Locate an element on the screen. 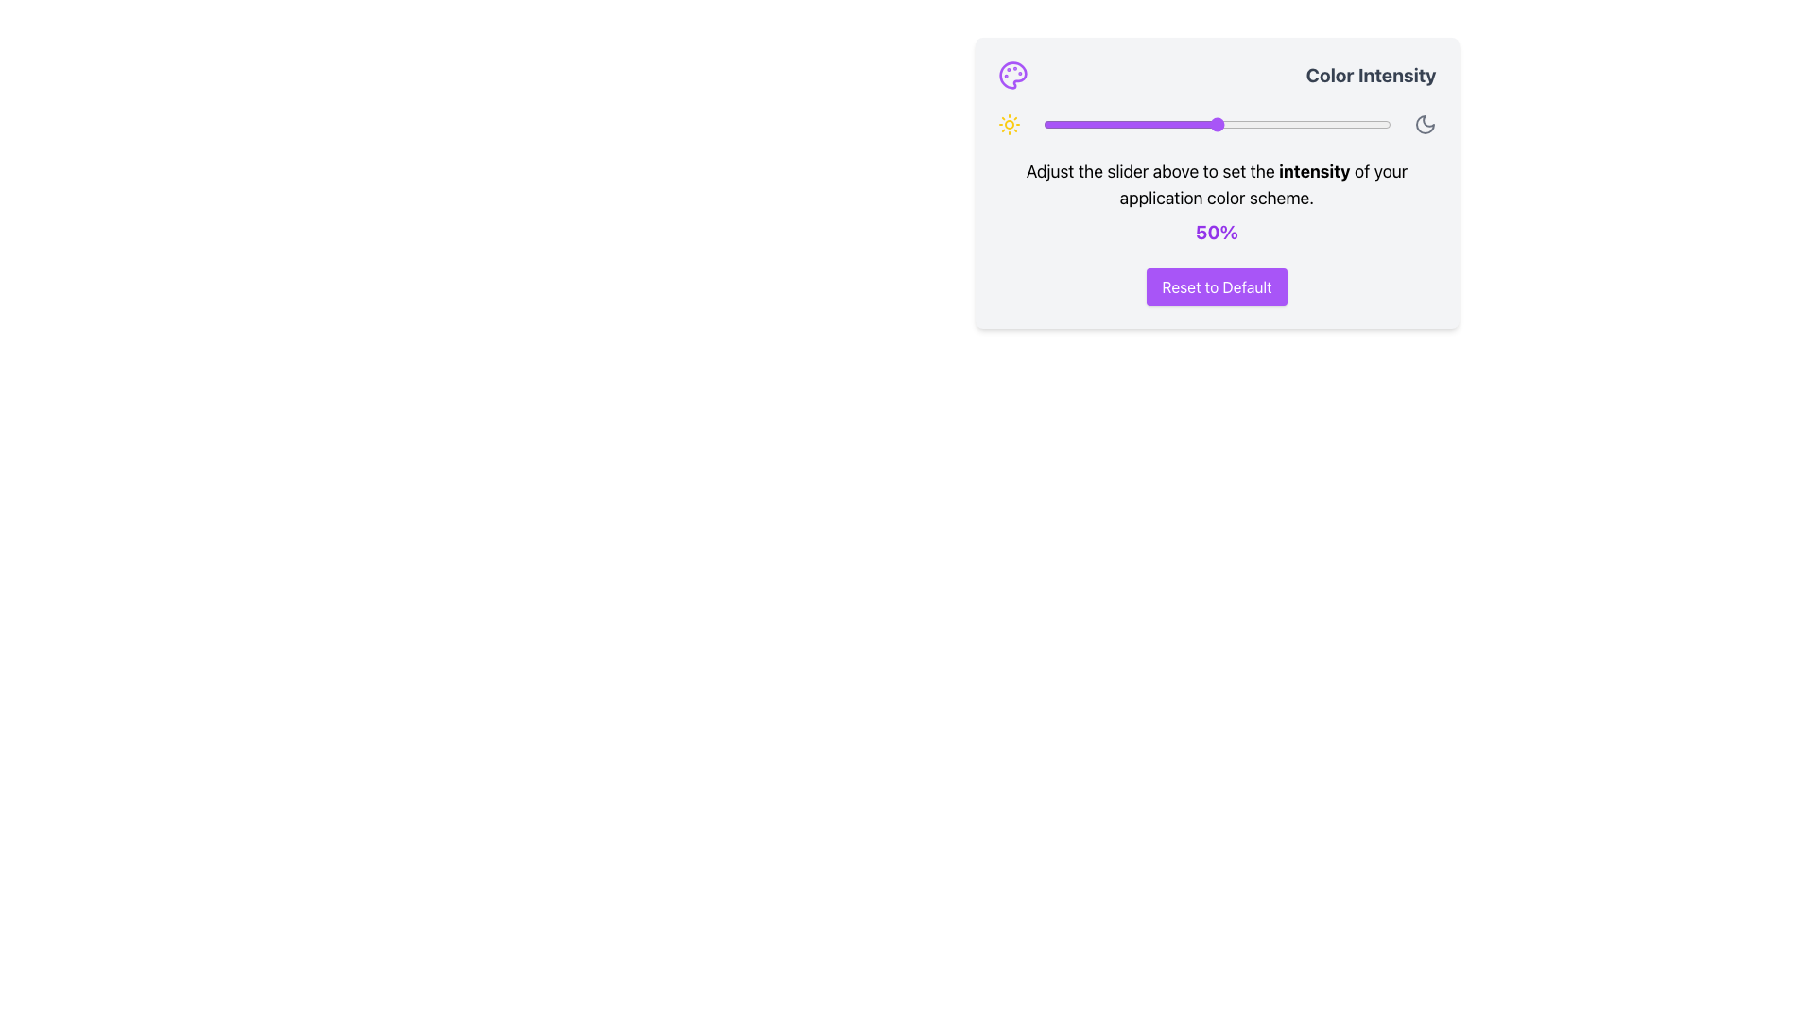  the color intensity is located at coordinates (1174, 124).